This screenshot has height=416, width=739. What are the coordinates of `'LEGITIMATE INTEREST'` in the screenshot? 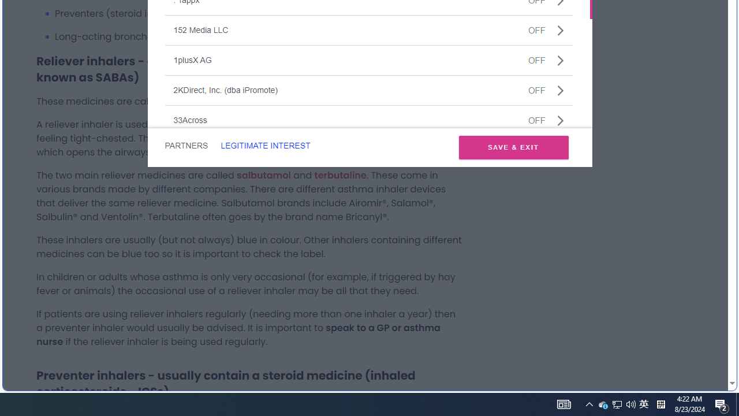 It's located at (264, 144).